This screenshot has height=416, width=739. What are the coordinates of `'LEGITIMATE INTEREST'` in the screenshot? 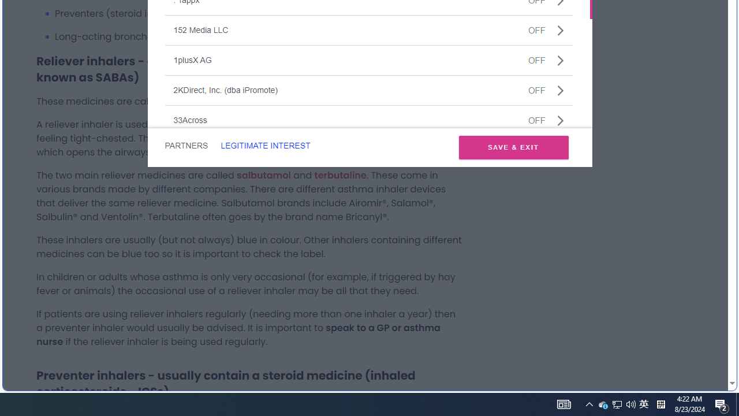 It's located at (264, 144).